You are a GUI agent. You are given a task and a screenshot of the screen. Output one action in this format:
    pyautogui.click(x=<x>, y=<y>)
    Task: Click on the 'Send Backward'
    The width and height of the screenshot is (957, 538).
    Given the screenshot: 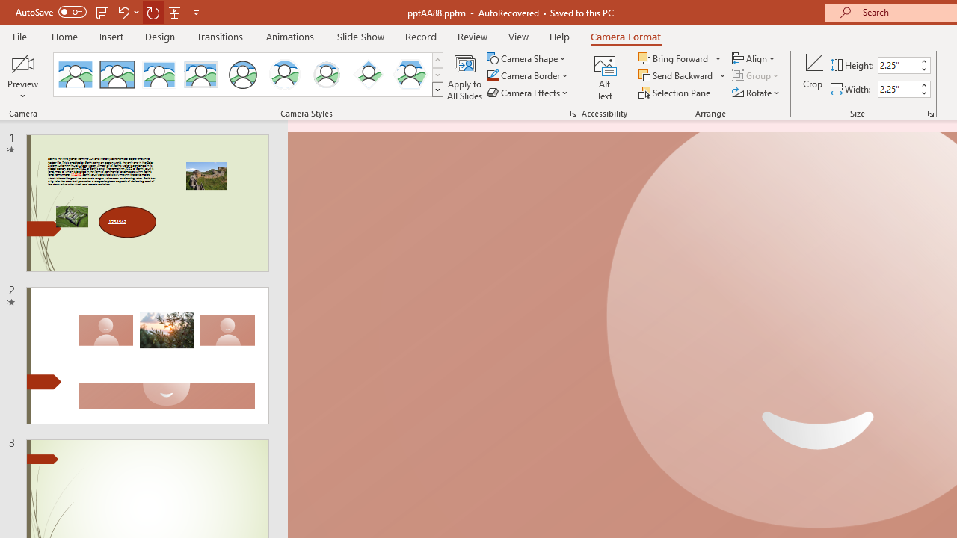 What is the action you would take?
    pyautogui.click(x=676, y=75)
    